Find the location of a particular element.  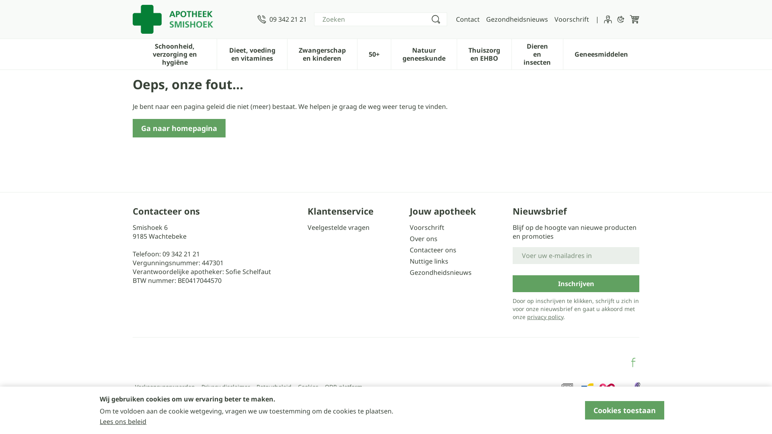

'ODR-platform' is located at coordinates (343, 387).